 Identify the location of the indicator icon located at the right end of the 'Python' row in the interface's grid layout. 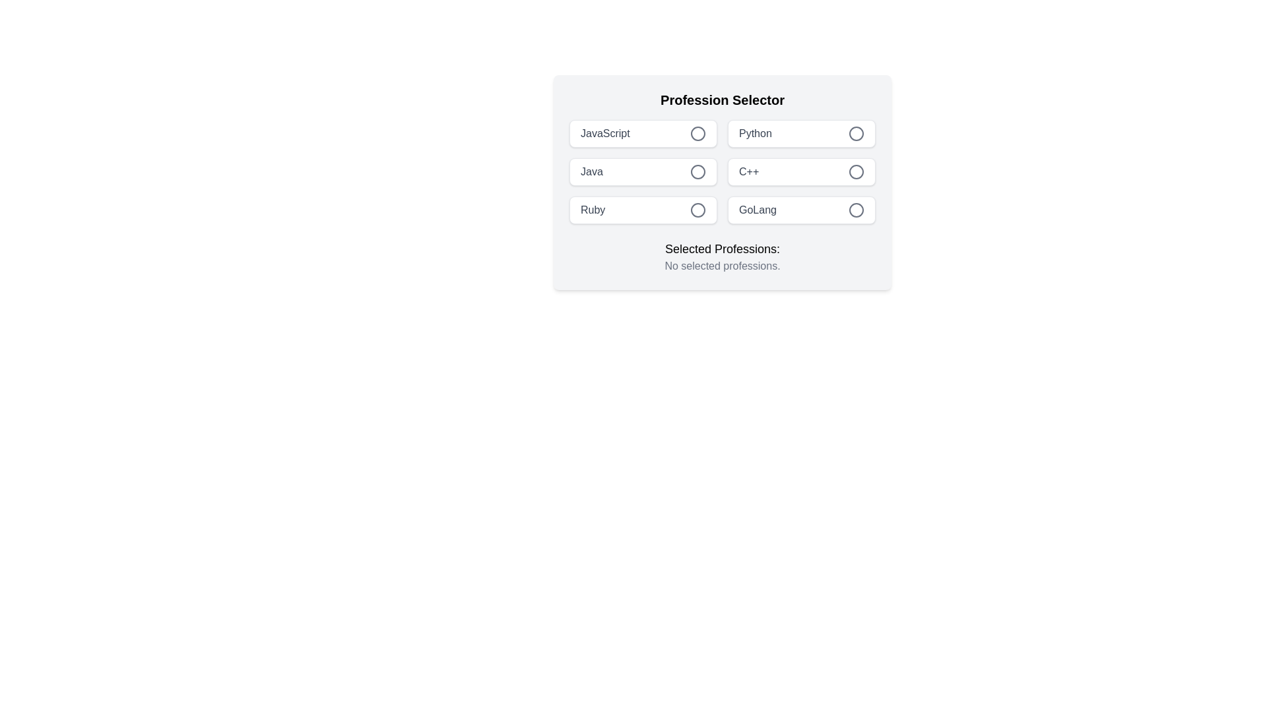
(856, 134).